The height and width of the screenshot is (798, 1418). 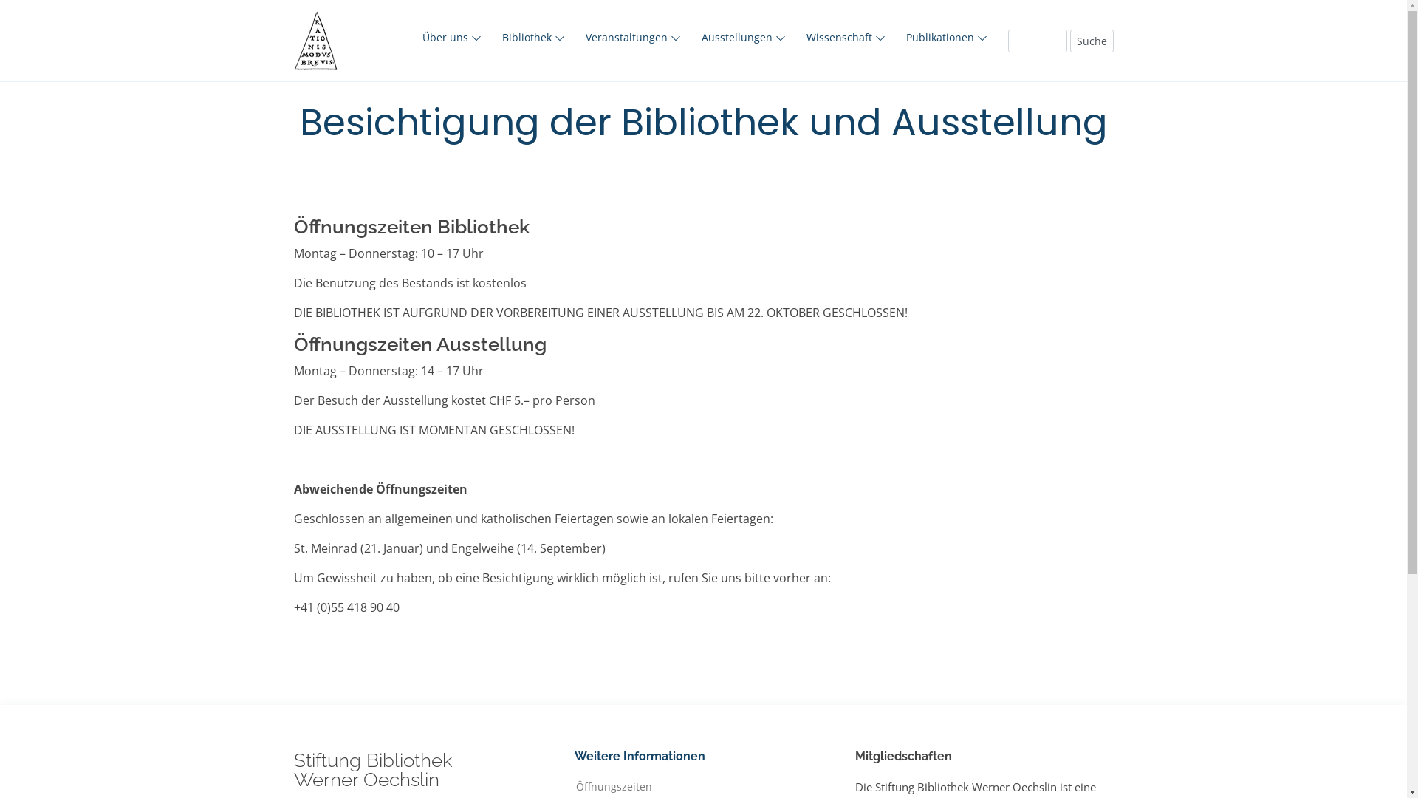 What do you see at coordinates (946, 36) in the screenshot?
I see `'Publikationen '` at bounding box center [946, 36].